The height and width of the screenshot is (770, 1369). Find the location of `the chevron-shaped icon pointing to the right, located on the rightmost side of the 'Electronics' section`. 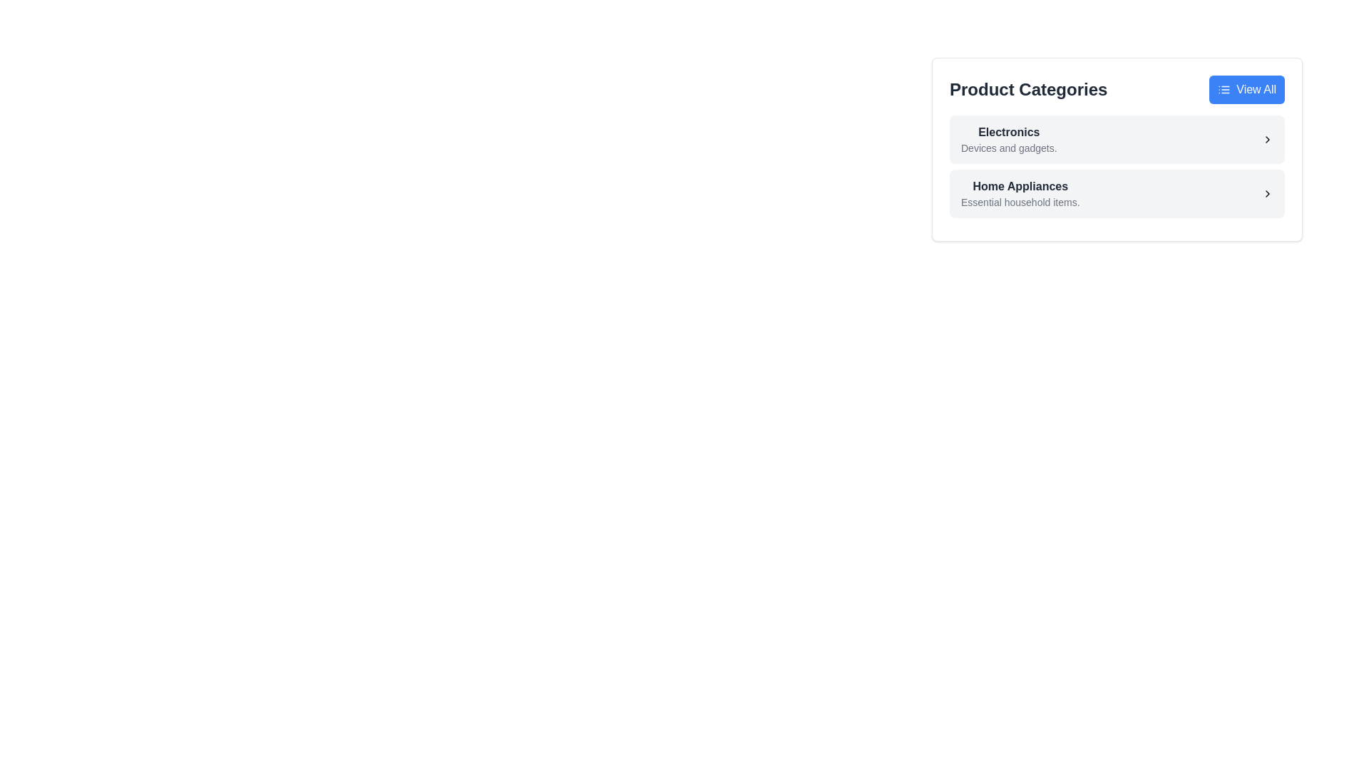

the chevron-shaped icon pointing to the right, located on the rightmost side of the 'Electronics' section is located at coordinates (1267, 140).